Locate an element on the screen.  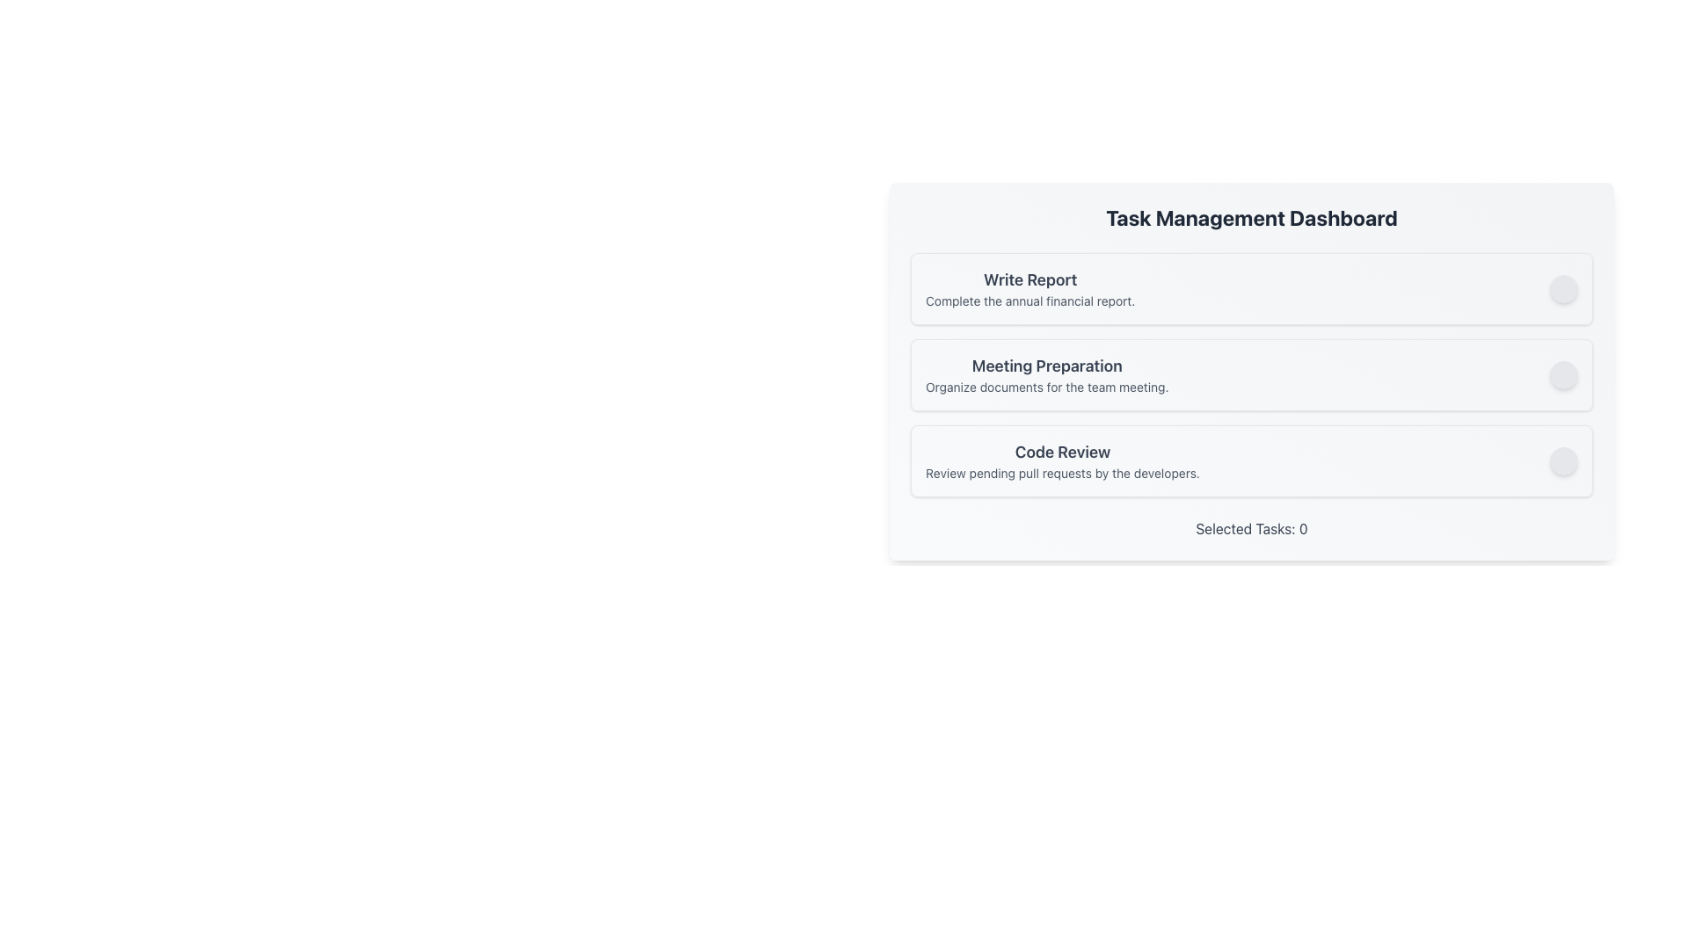
the button on the right of the 'Write Report' task card in the Task Management Dashboard for task-specific actions is located at coordinates (1251, 287).